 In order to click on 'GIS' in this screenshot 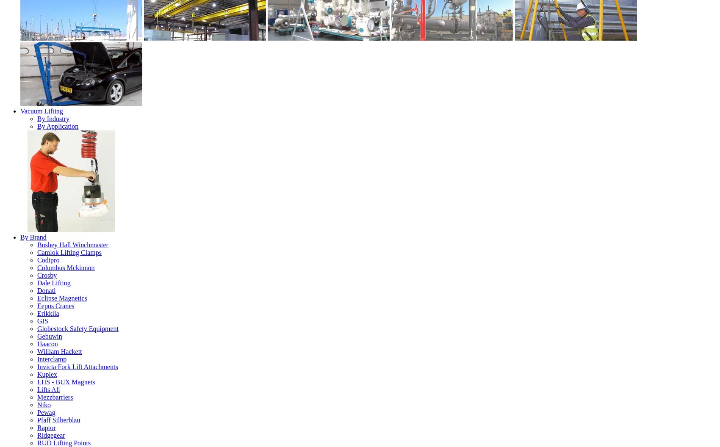, I will do `click(42, 320)`.